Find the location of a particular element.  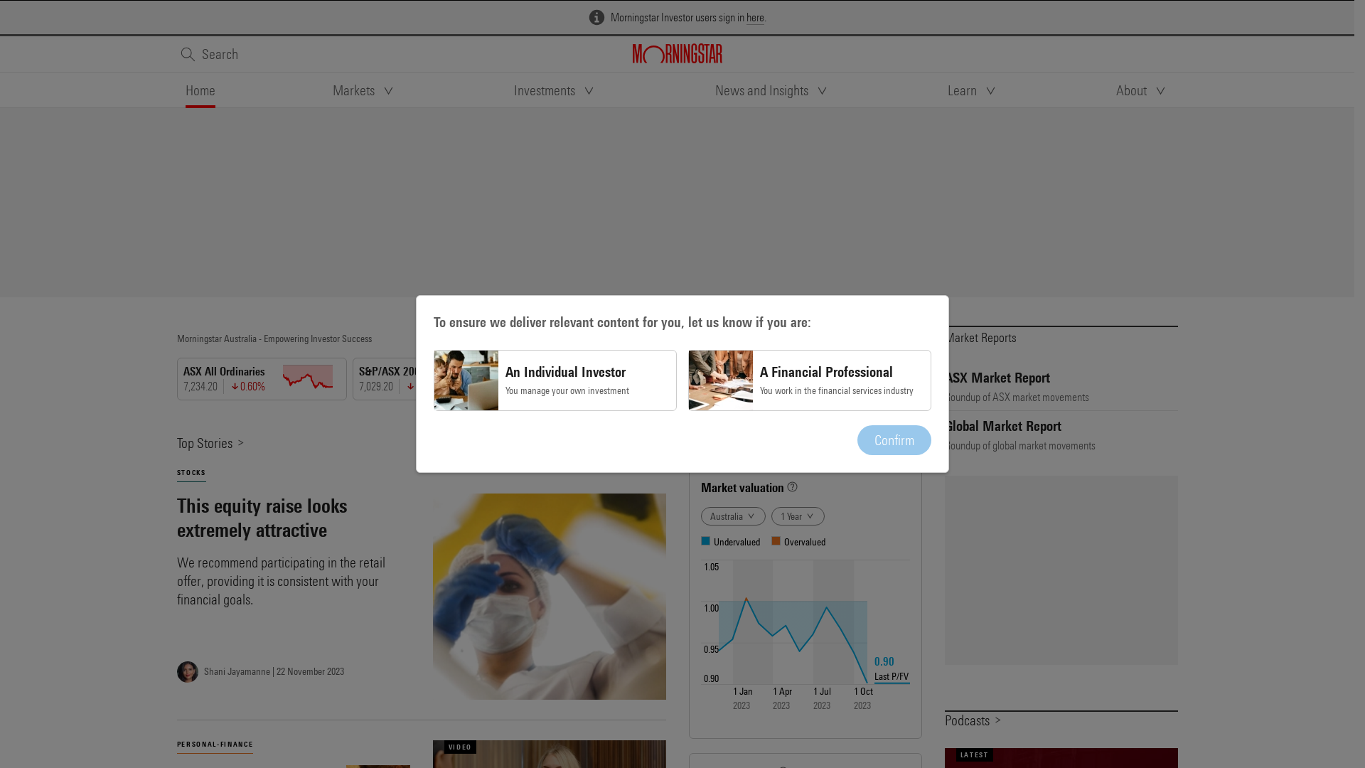

'Australia' is located at coordinates (733, 516).